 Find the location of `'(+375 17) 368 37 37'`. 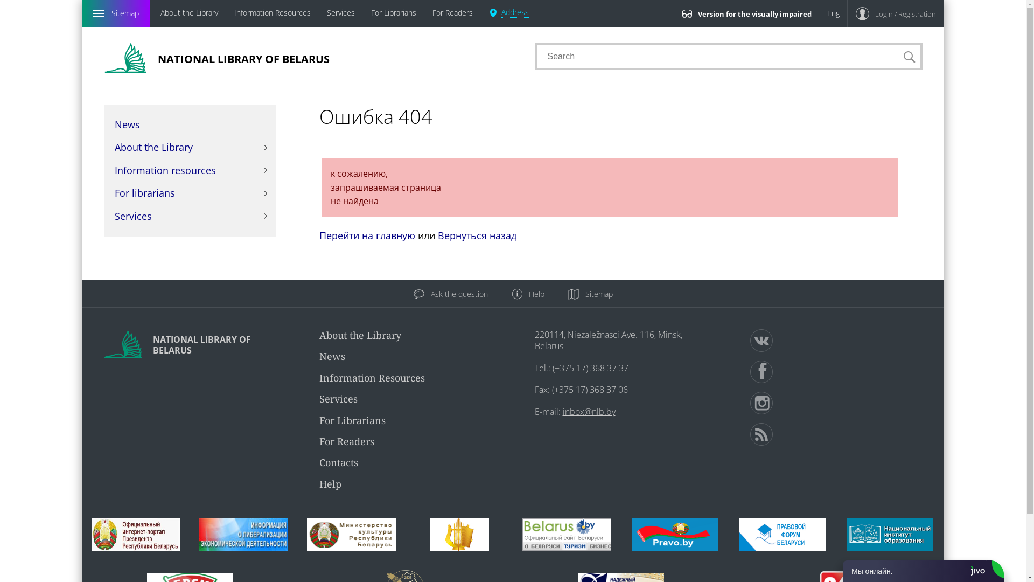

'(+375 17) 368 37 37' is located at coordinates (553, 367).